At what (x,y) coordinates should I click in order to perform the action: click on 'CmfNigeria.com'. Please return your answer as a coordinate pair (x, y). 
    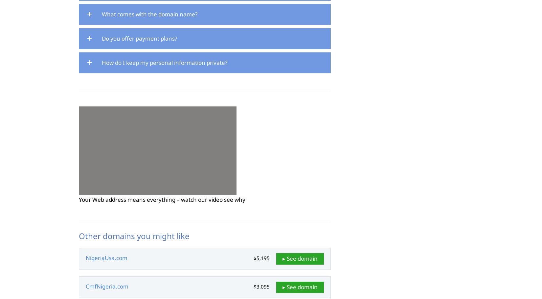
    Looking at the image, I should click on (107, 286).